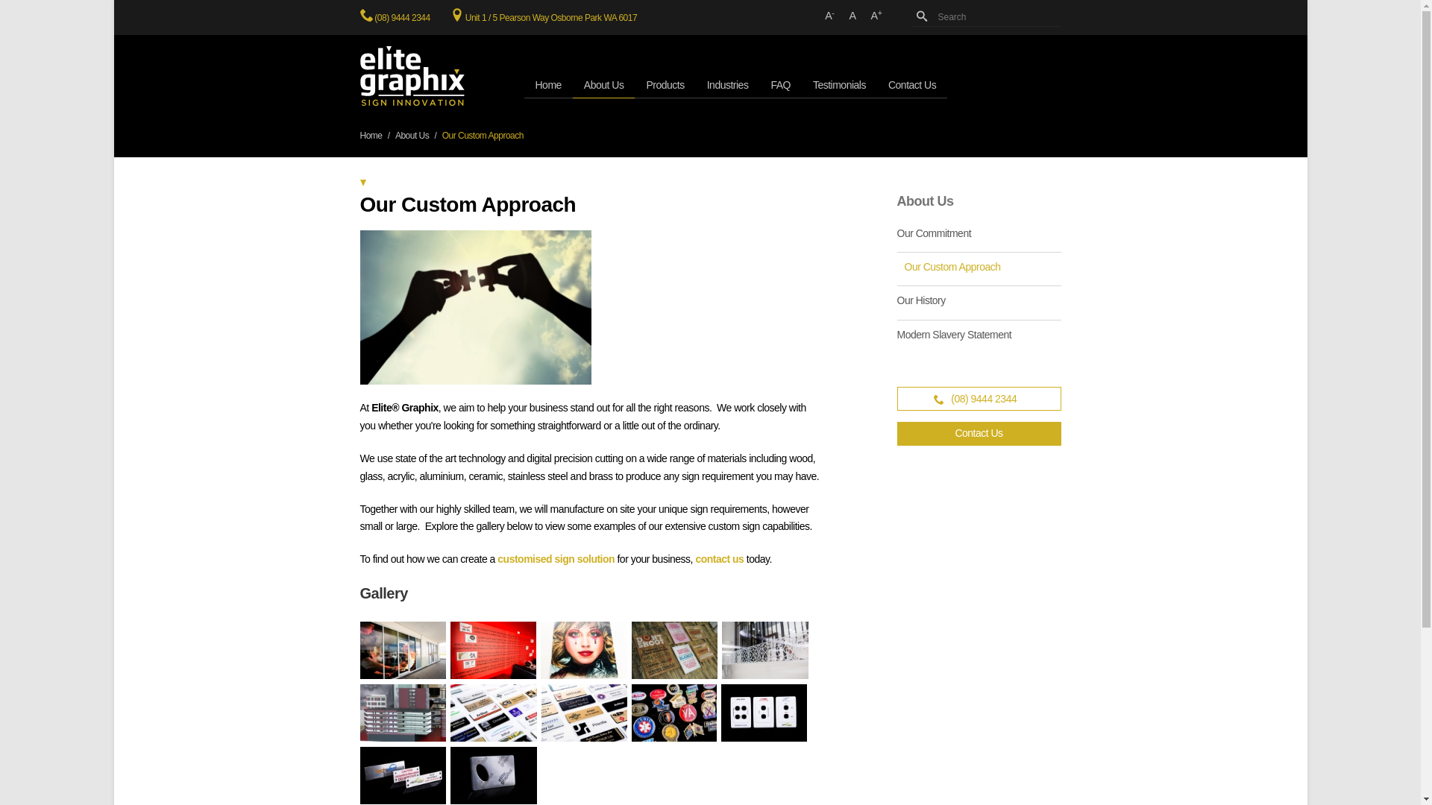 This screenshot has height=805, width=1432. Describe the element at coordinates (727, 85) in the screenshot. I see `'Industries'` at that location.